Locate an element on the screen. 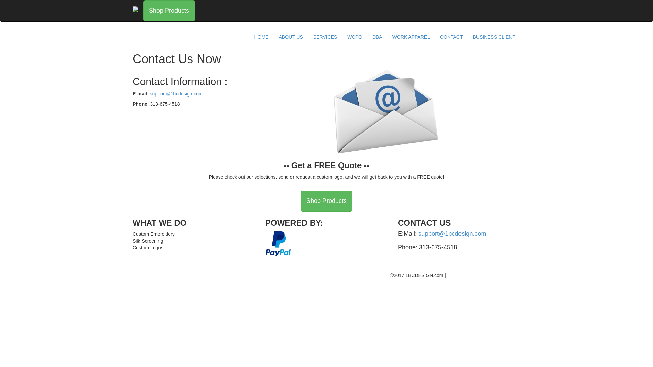 The width and height of the screenshot is (653, 367). 'HOME' is located at coordinates (261, 37).